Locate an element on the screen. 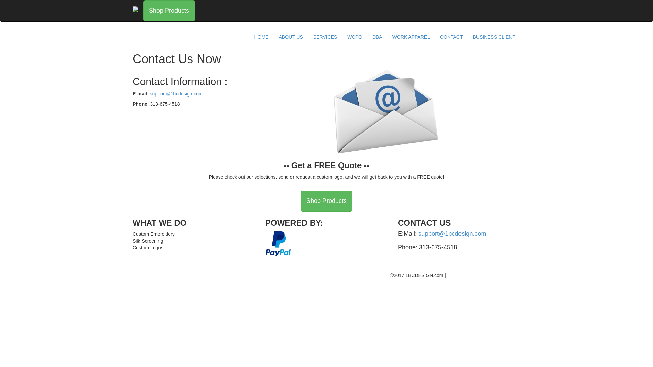 The width and height of the screenshot is (653, 367). 'HOME' is located at coordinates (261, 37).